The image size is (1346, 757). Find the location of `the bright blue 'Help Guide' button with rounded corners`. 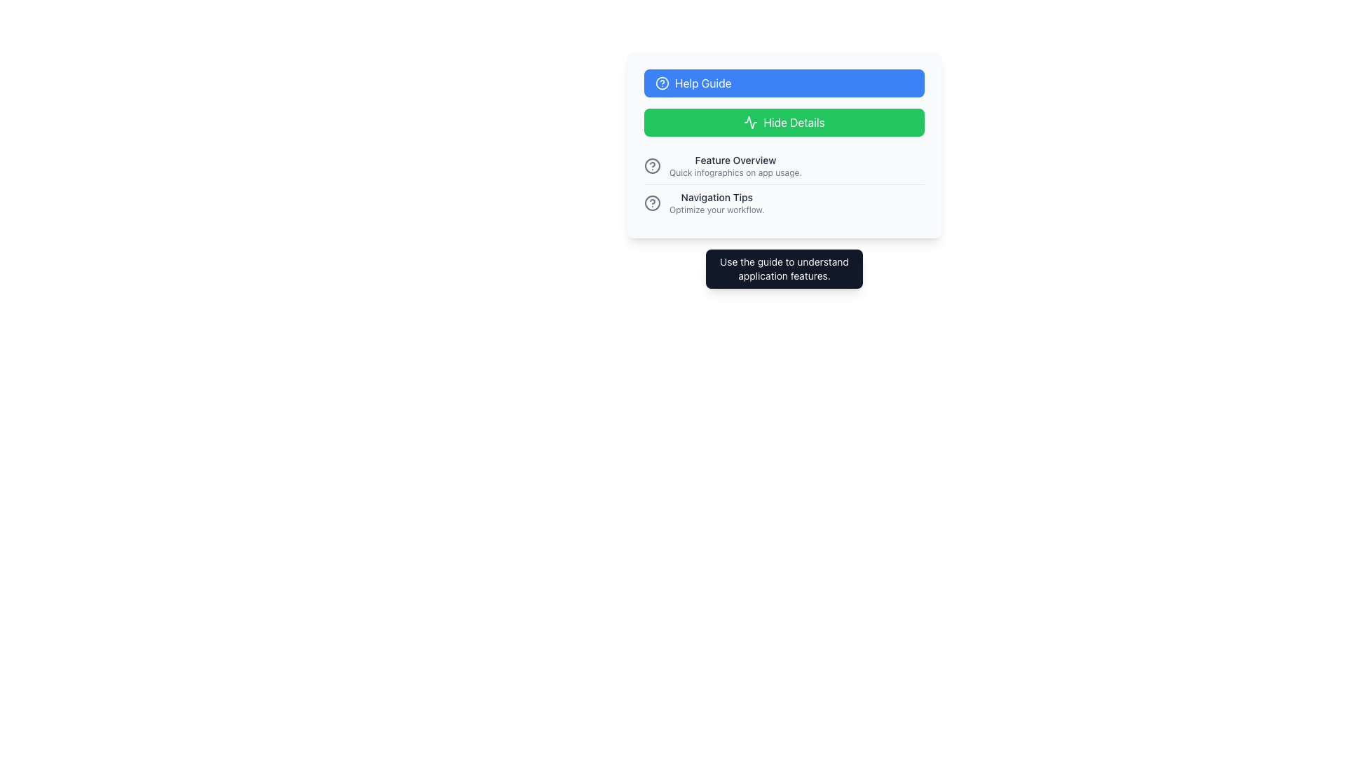

the bright blue 'Help Guide' button with rounded corners is located at coordinates (783, 83).